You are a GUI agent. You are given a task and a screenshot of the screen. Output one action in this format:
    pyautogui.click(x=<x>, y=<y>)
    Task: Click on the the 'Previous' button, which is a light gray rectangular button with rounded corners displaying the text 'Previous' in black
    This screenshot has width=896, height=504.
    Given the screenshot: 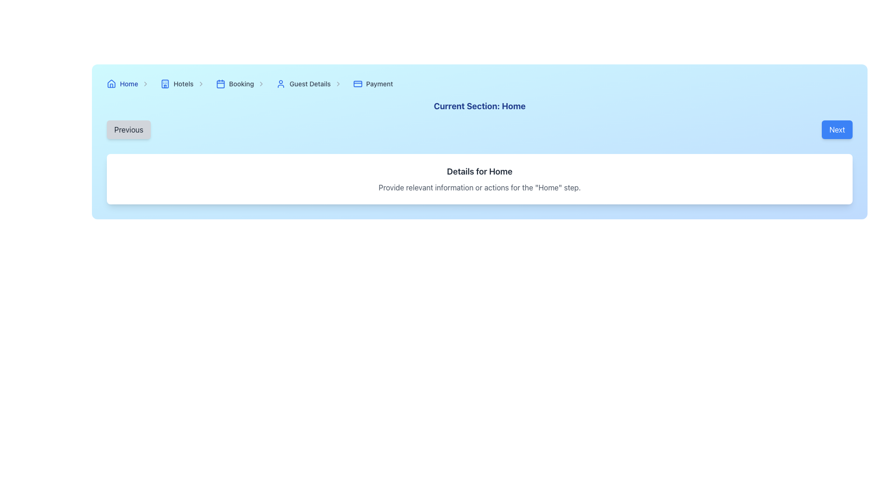 What is the action you would take?
    pyautogui.click(x=128, y=129)
    